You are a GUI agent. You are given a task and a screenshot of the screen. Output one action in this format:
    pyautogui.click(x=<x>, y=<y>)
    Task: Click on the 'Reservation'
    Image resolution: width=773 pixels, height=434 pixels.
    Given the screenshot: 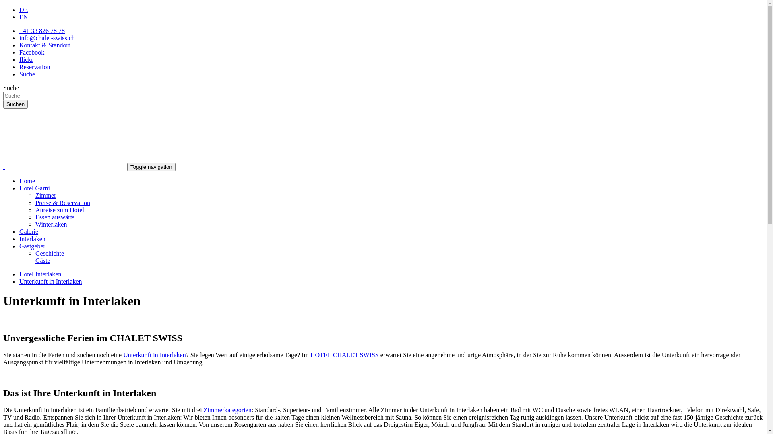 What is the action you would take?
    pyautogui.click(x=34, y=66)
    